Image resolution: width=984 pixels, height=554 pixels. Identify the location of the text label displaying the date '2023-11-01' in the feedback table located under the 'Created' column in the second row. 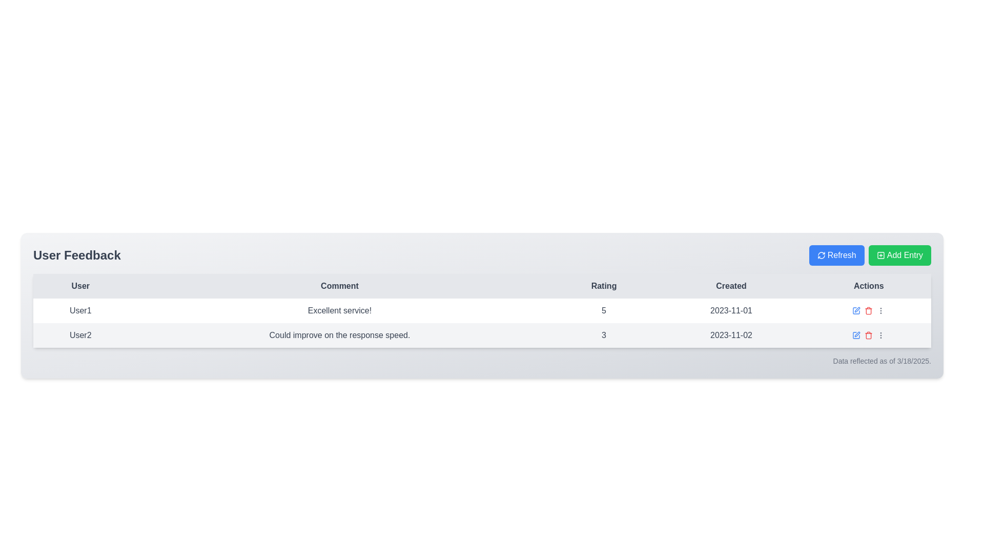
(730, 310).